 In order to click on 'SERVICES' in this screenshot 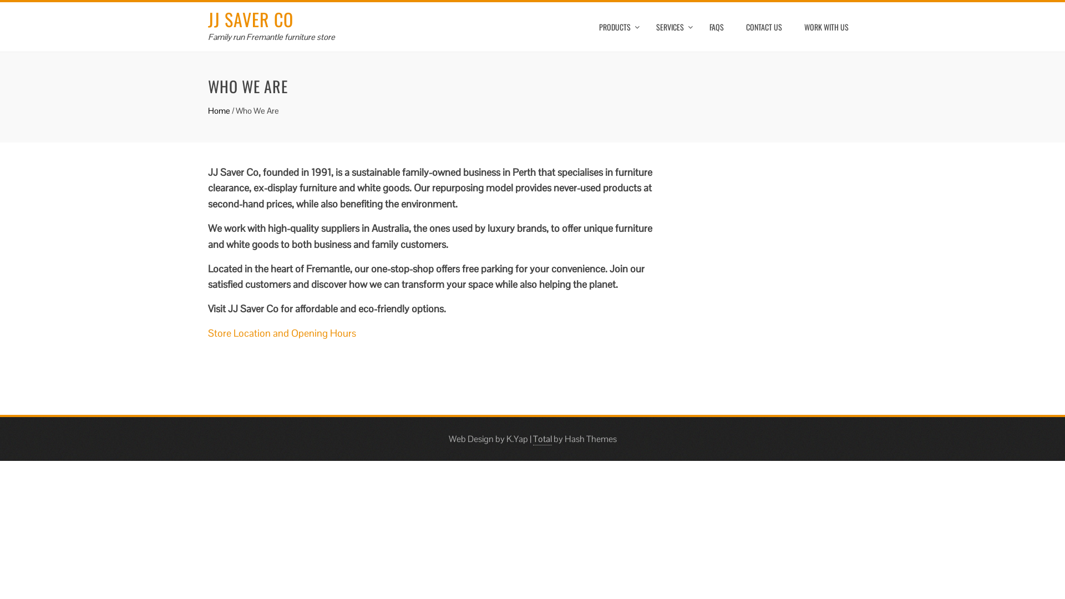, I will do `click(671, 27)`.